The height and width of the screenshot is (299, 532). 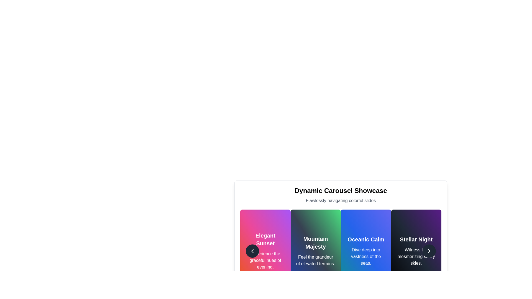 I want to click on title text label located at the top-center of the rightmost card in the 'Dynamic Carousel Showcase' section, which summarizes the card's content, so click(x=416, y=239).